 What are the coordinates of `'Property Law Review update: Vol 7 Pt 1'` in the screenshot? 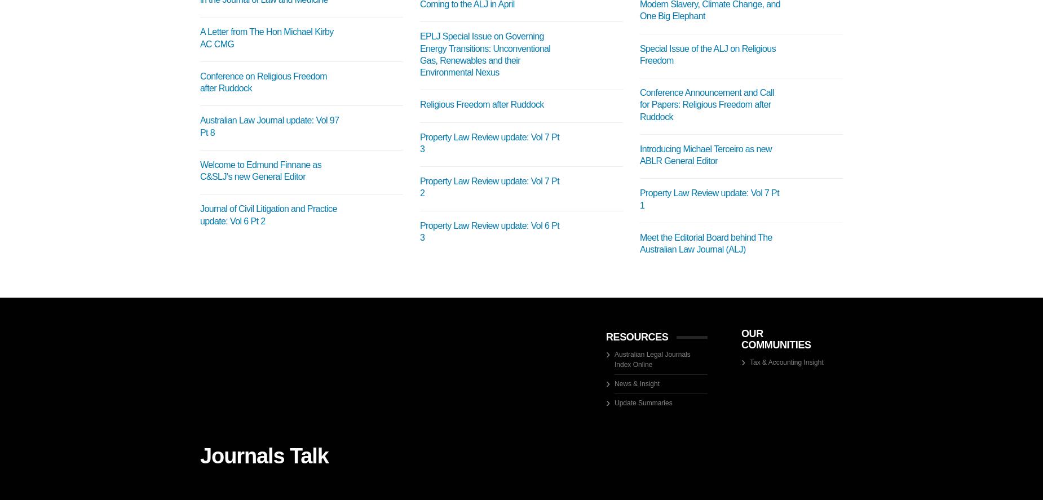 It's located at (639, 198).